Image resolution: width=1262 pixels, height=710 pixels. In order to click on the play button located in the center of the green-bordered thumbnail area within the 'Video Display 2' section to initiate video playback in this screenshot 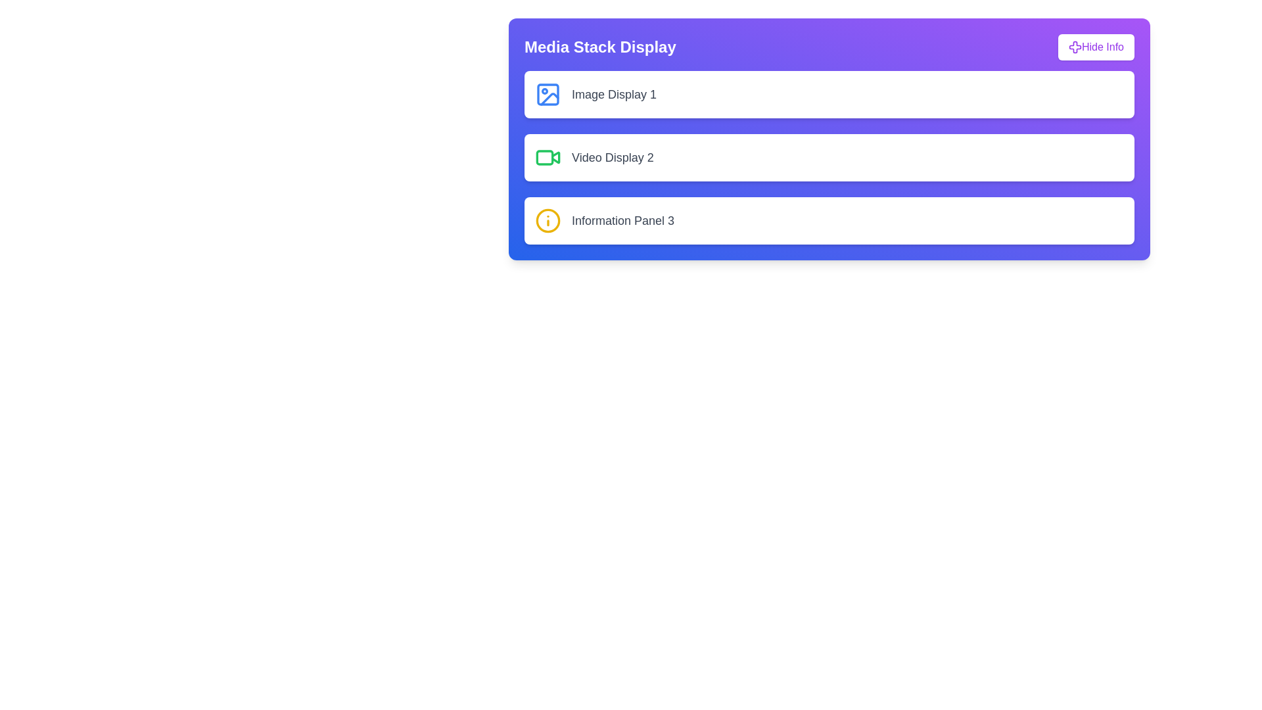, I will do `click(555, 156)`.